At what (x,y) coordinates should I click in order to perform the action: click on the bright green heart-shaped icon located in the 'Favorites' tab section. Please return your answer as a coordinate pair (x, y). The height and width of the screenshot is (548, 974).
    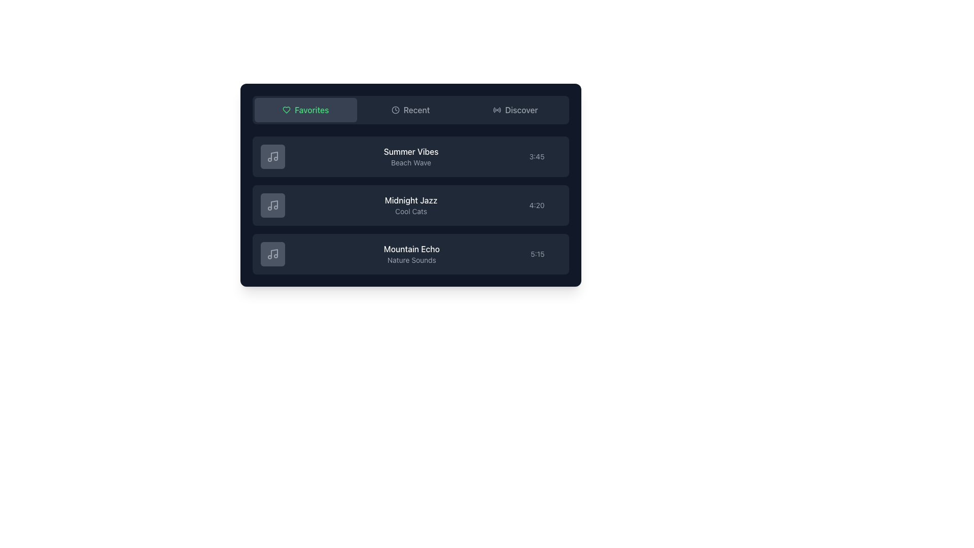
    Looking at the image, I should click on (286, 110).